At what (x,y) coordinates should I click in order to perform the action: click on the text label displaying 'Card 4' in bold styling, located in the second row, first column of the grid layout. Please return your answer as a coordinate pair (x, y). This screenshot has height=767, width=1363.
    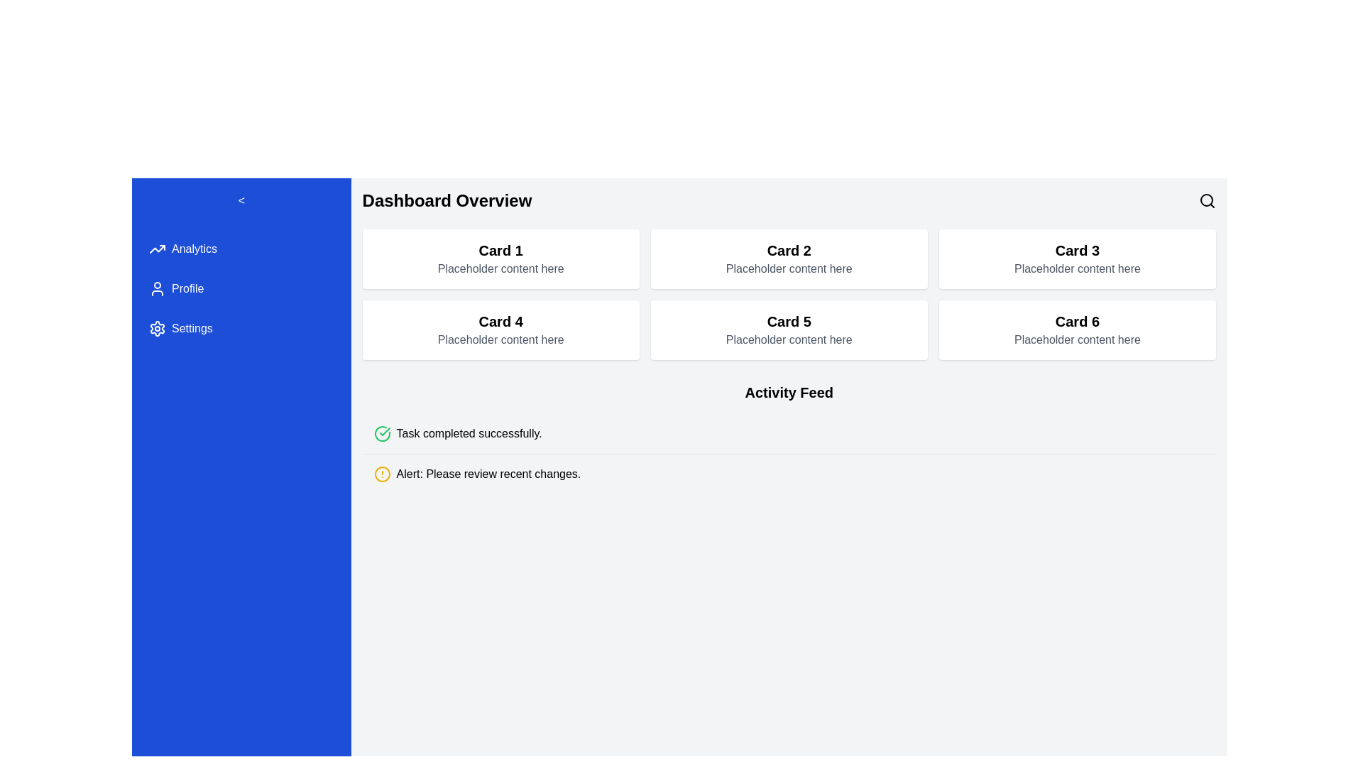
    Looking at the image, I should click on (500, 321).